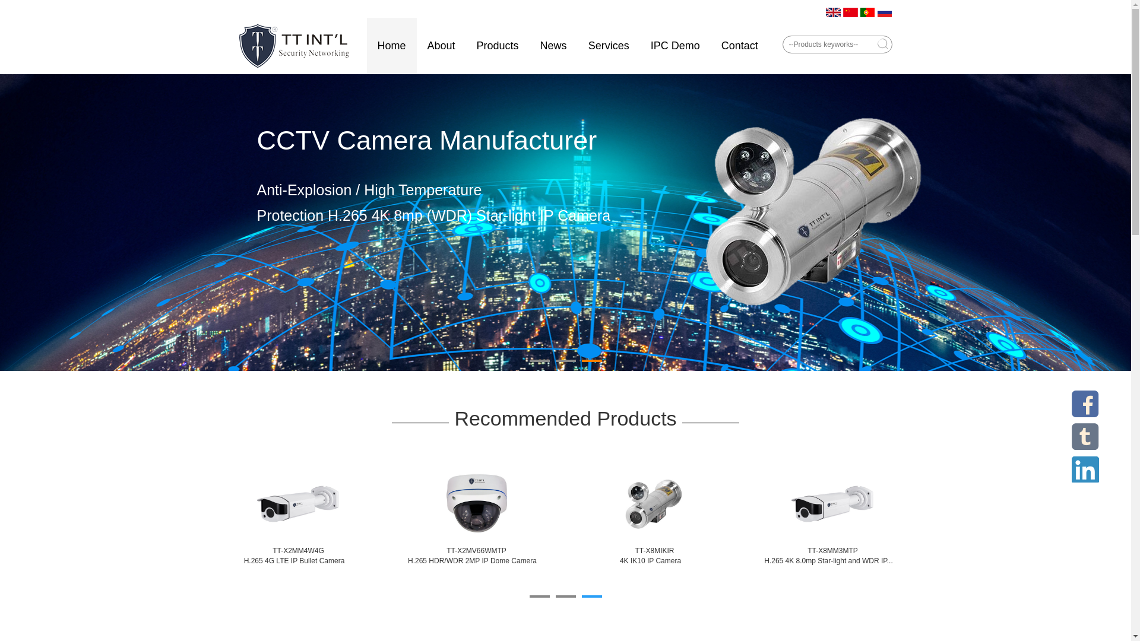 This screenshot has width=1140, height=641. What do you see at coordinates (441, 45) in the screenshot?
I see `'About'` at bounding box center [441, 45].